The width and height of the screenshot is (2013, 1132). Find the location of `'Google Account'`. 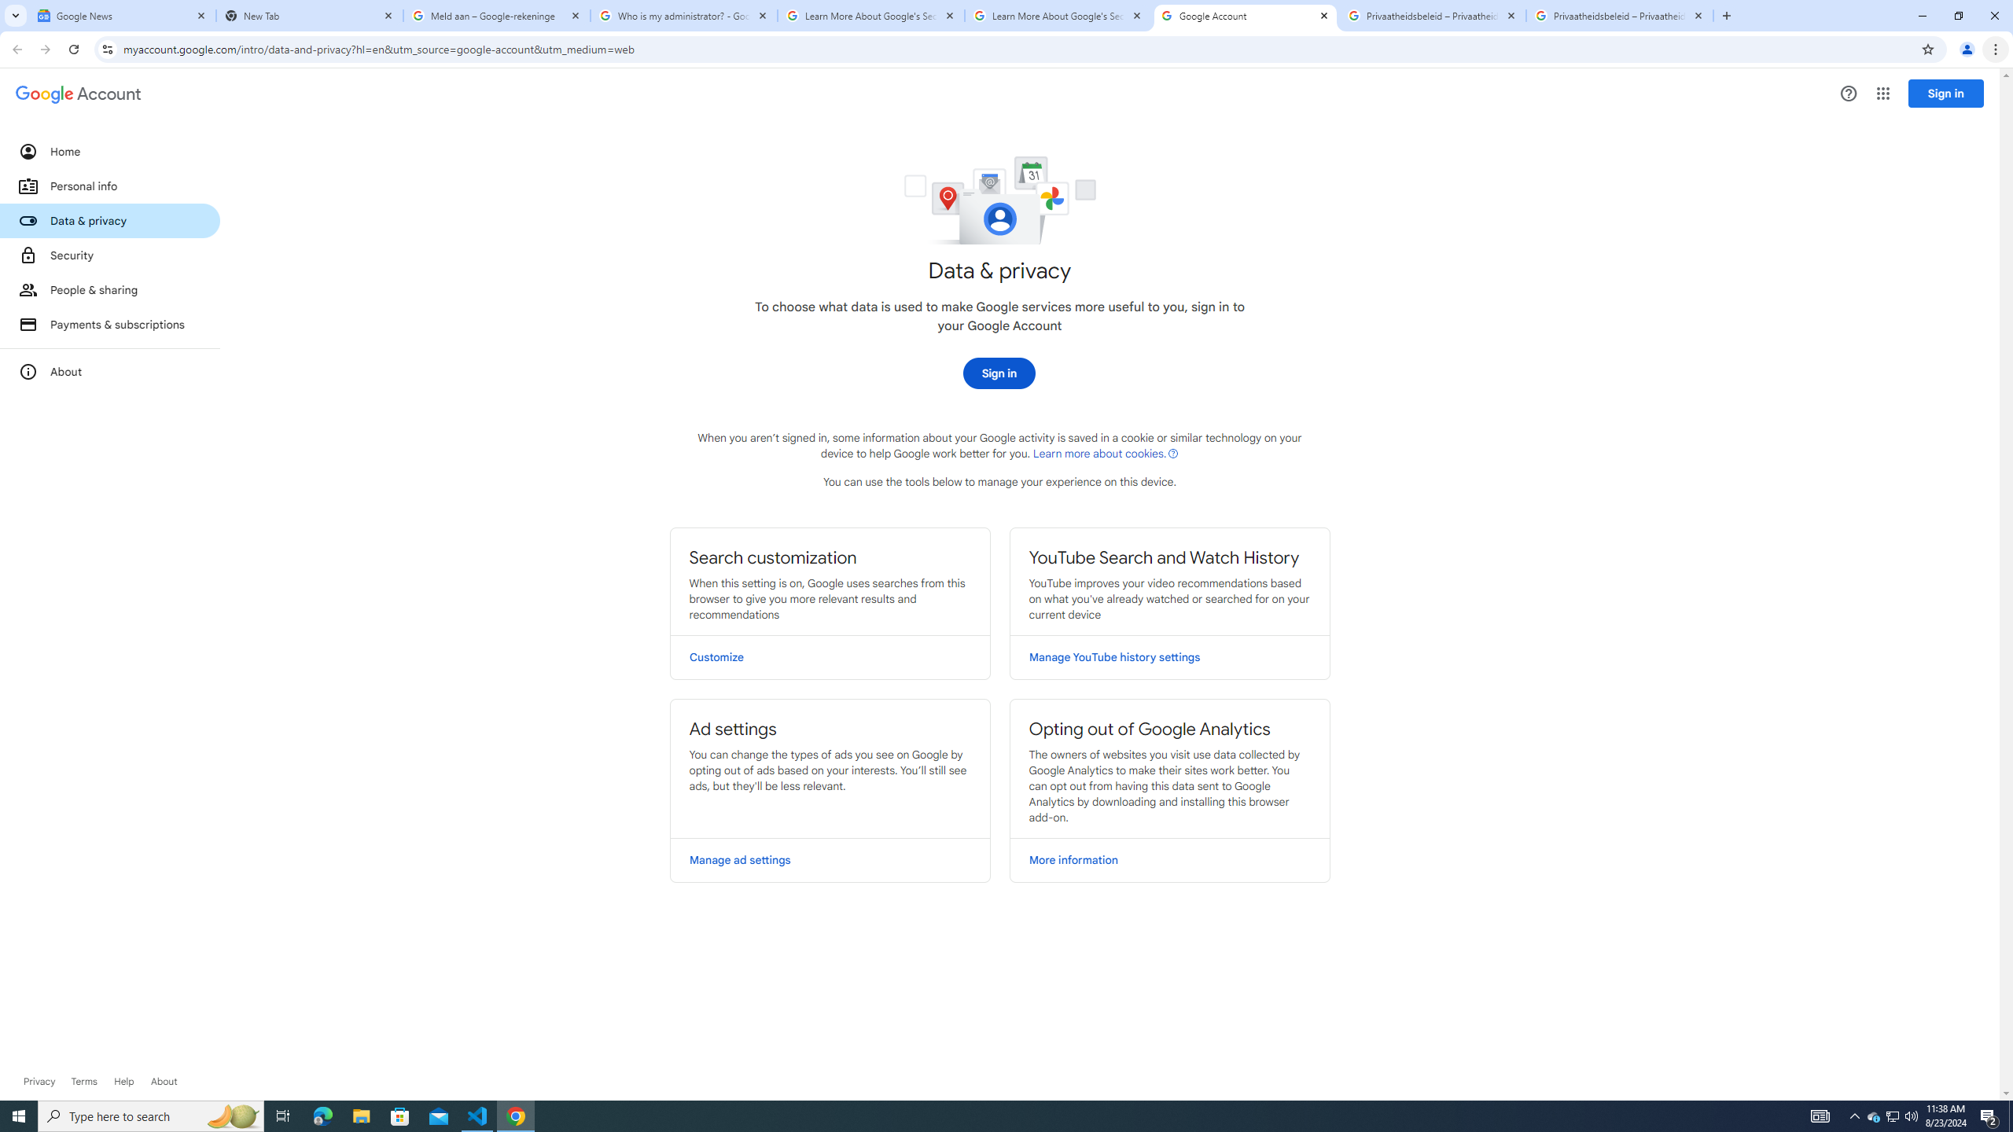

'Google Account' is located at coordinates (1245, 15).